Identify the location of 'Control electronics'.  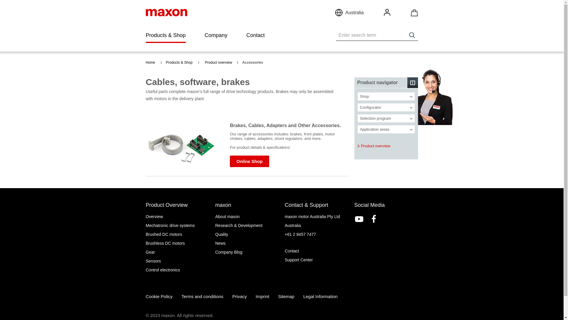
(145, 270).